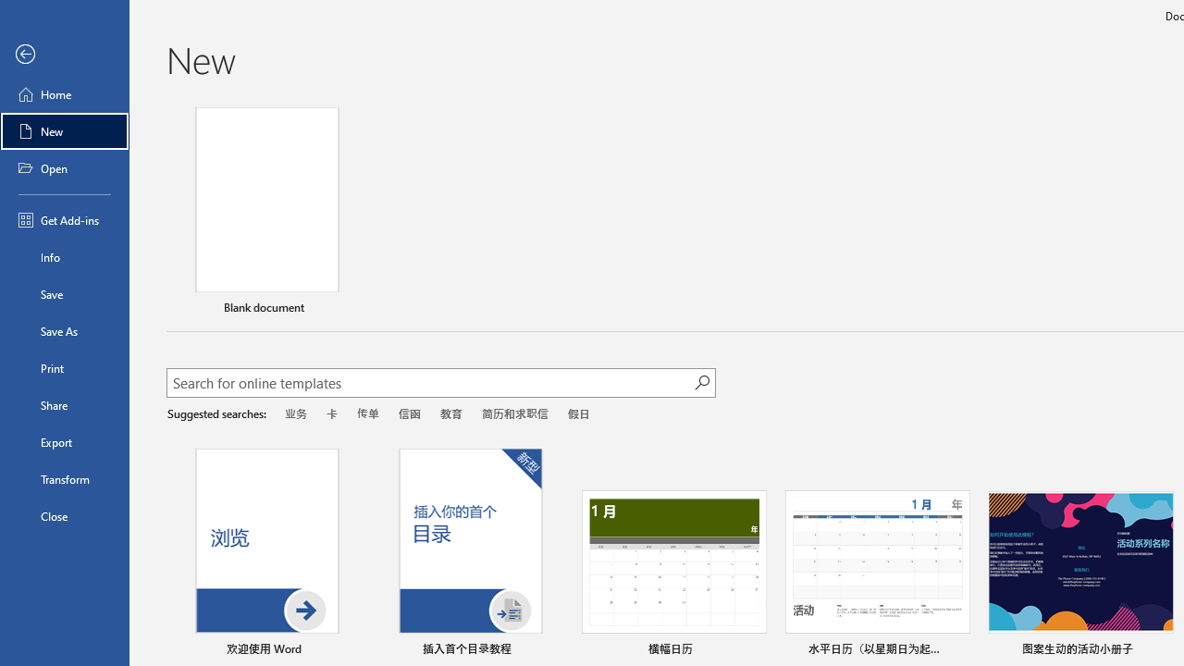 Image resolution: width=1184 pixels, height=666 pixels. Describe the element at coordinates (265, 213) in the screenshot. I see `'Blank document'` at that location.